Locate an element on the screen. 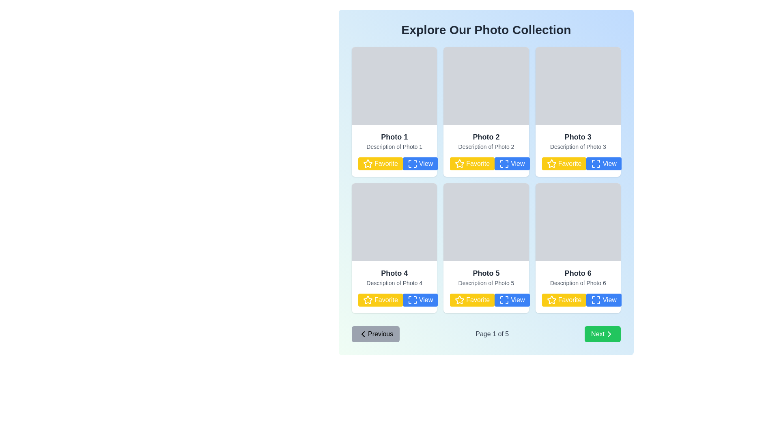  the maximize icon located at the left end of the 'View' button associated with 'Photo 6' in the bottom-right corner of the grid is located at coordinates (596, 300).